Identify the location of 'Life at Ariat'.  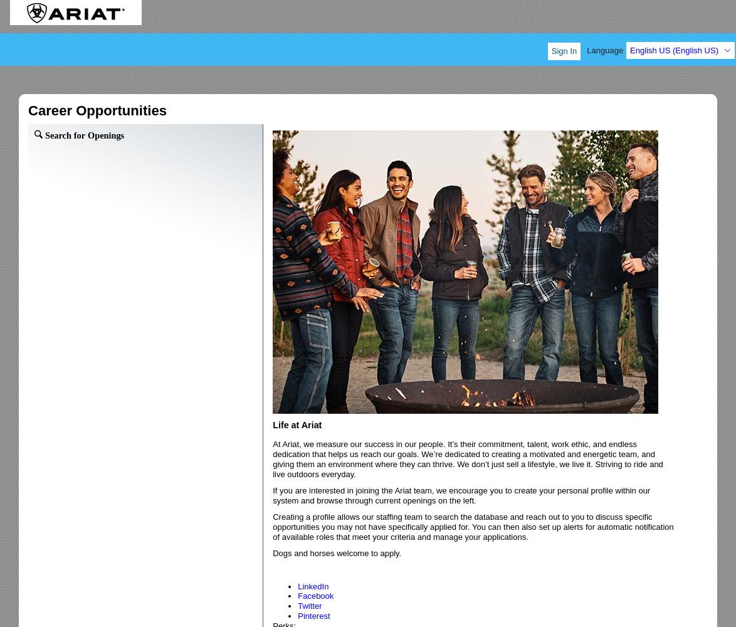
(271, 425).